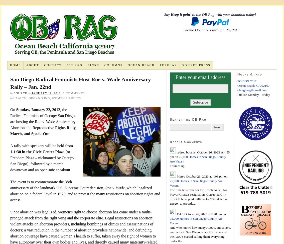 The height and width of the screenshot is (244, 284). What do you see at coordinates (182, 65) in the screenshot?
I see `'SD Free Press'` at bounding box center [182, 65].